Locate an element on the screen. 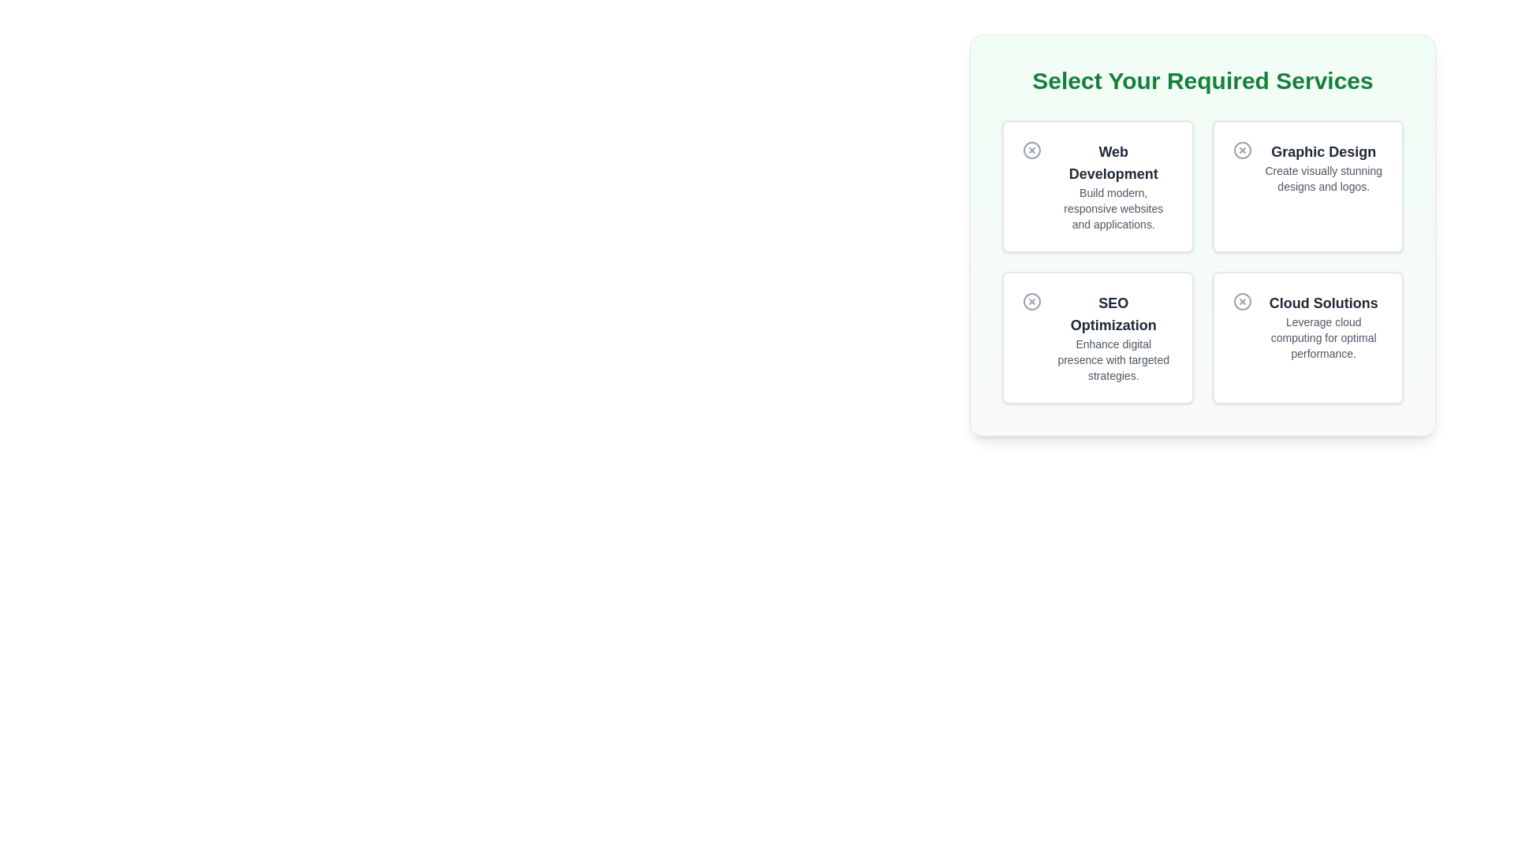 Image resolution: width=1514 pixels, height=851 pixels. the 'Graphic Design' text element, which is styled with a bold and large font and is positioned centrally in the second card of a grid layout is located at coordinates (1323, 151).